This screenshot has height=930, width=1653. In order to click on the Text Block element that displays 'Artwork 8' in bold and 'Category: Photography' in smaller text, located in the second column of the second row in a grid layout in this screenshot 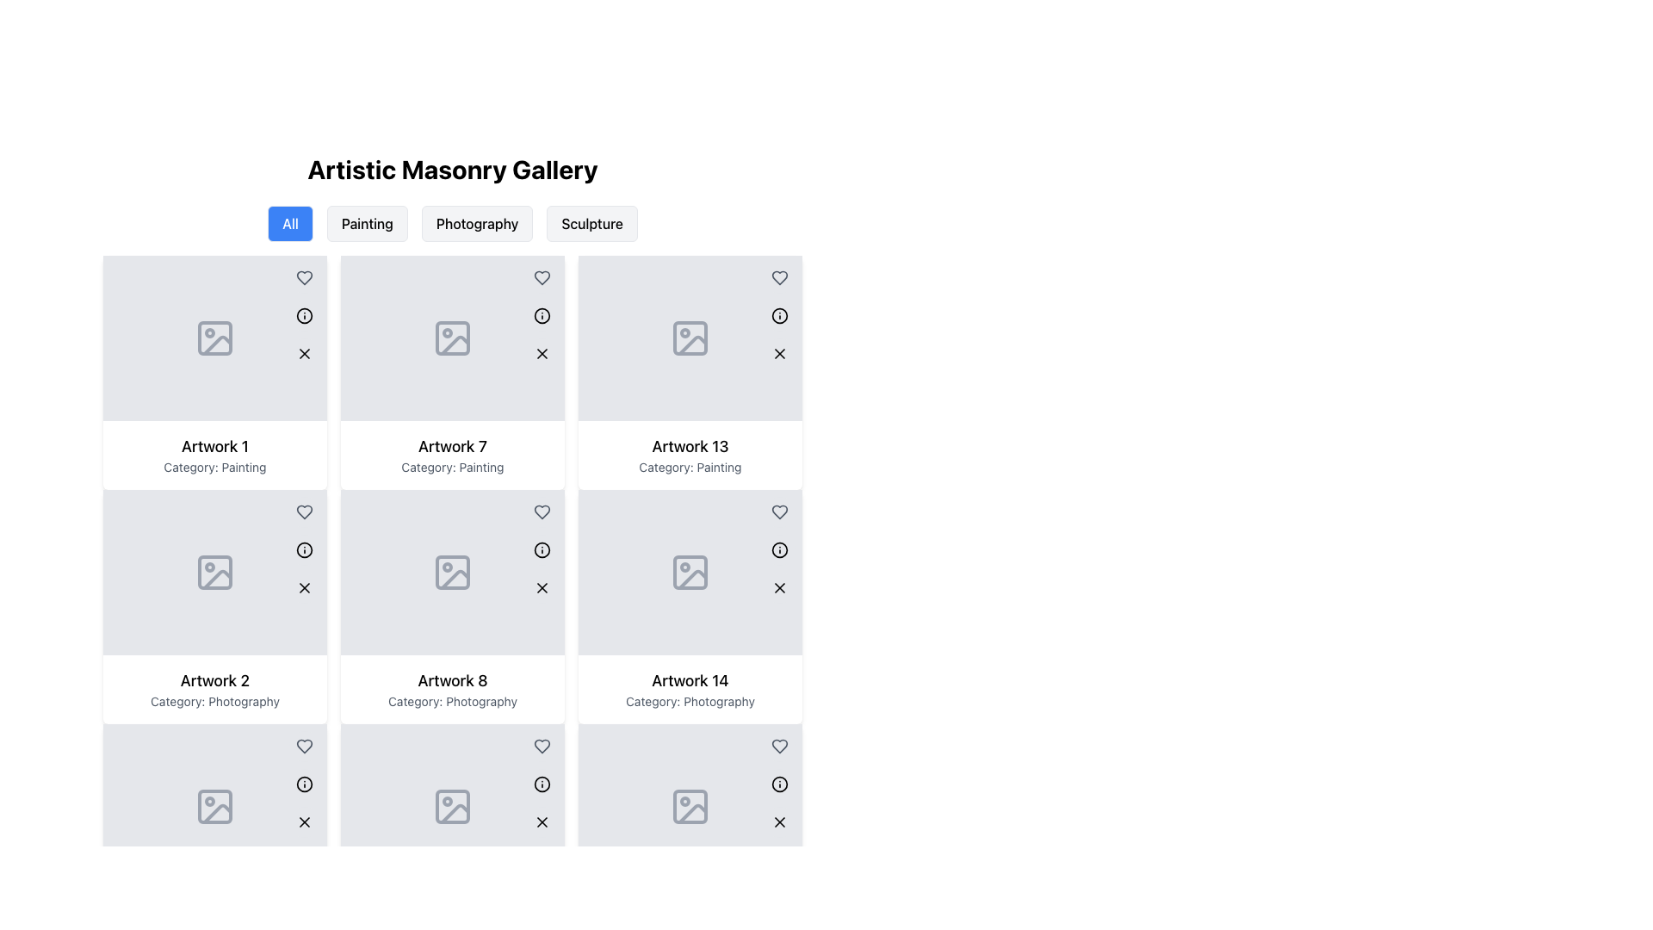, I will do `click(453, 689)`.